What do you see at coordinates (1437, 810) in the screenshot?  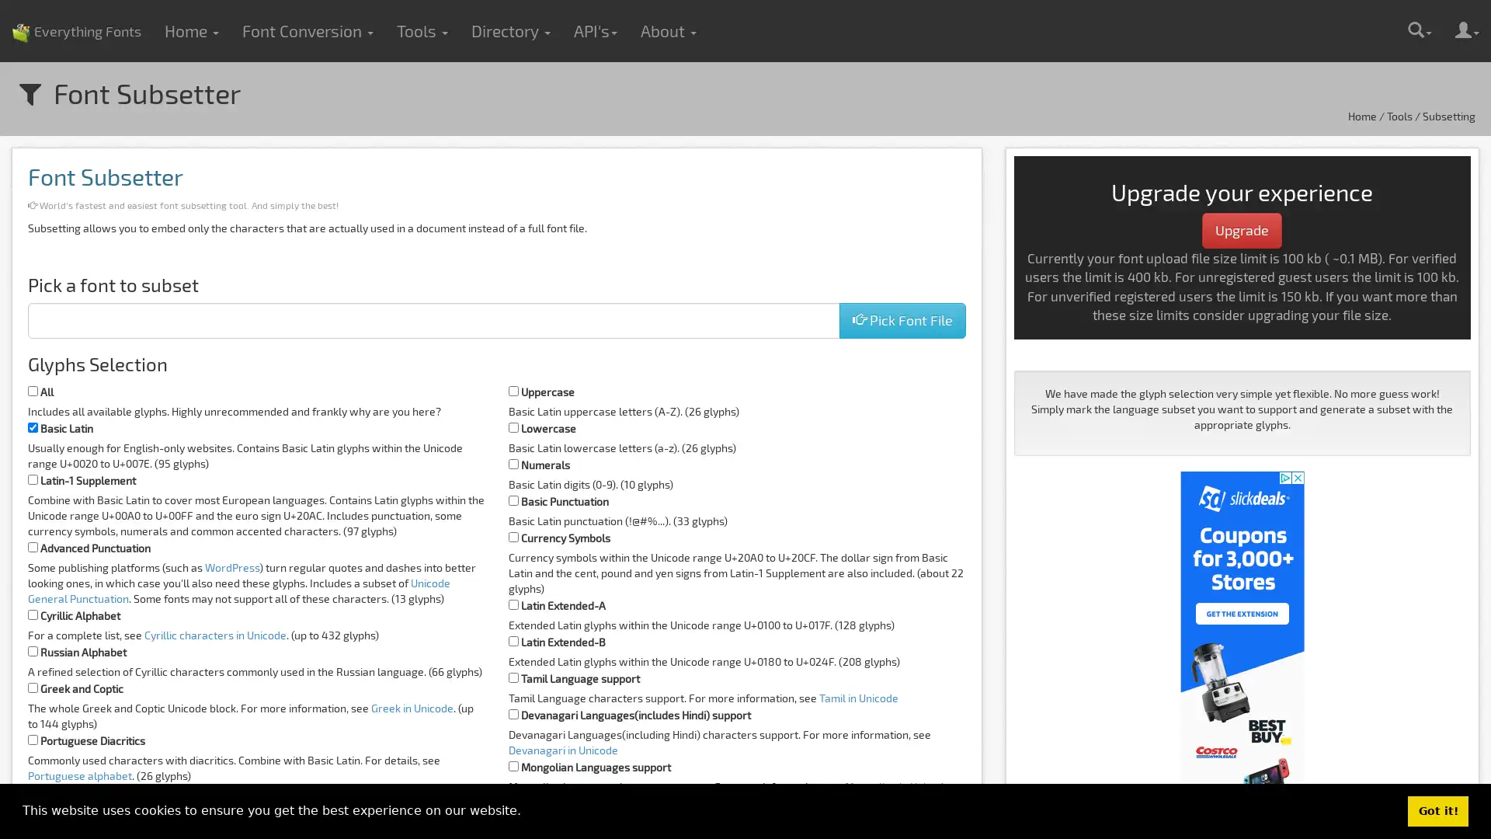 I see `dismiss cookie message` at bounding box center [1437, 810].